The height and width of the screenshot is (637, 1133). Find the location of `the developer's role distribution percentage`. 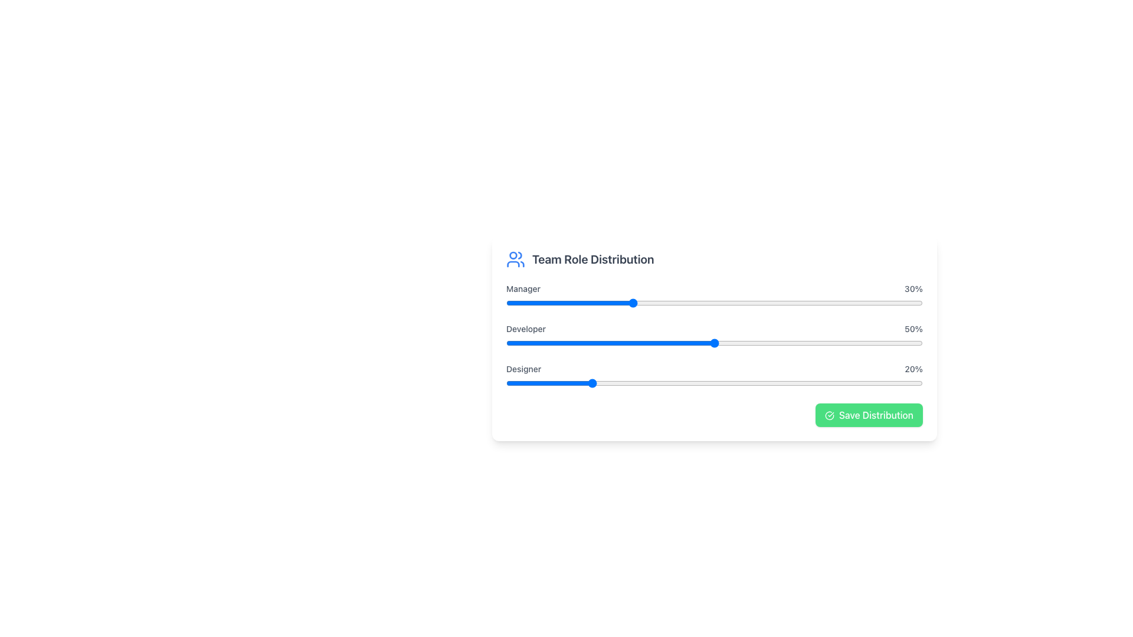

the developer's role distribution percentage is located at coordinates (847, 343).